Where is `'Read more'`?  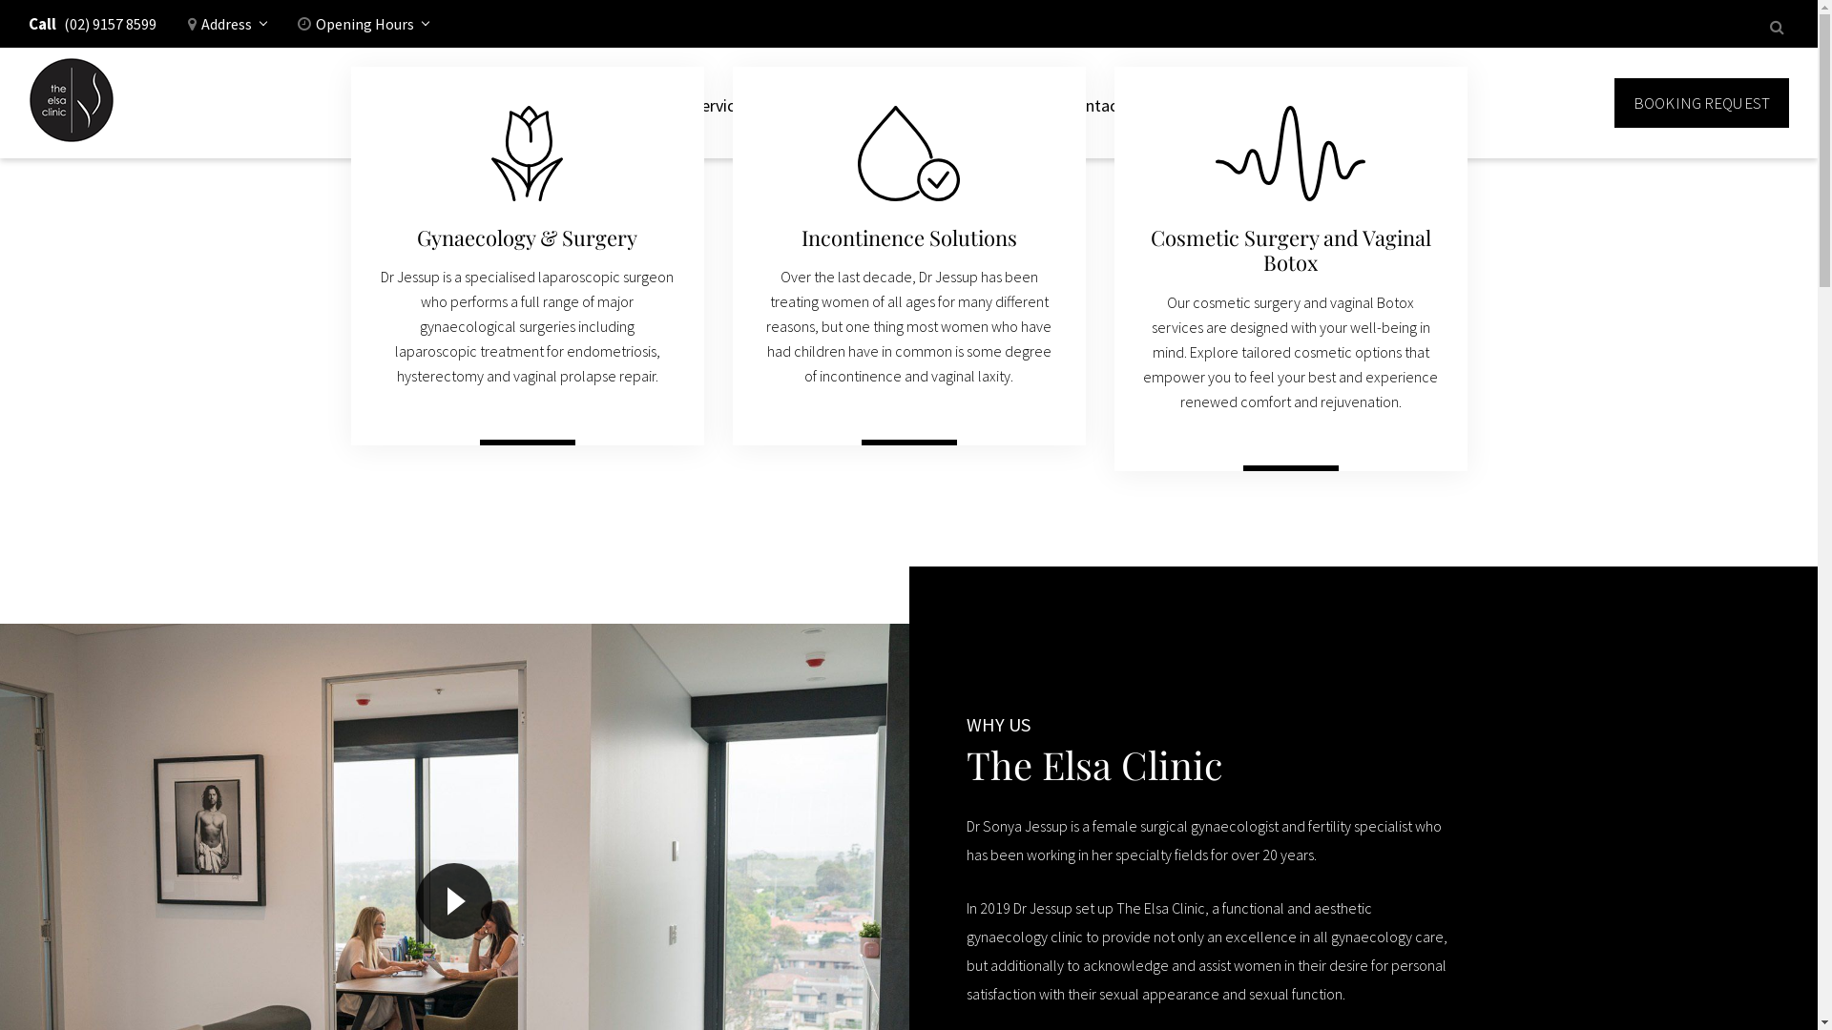
'Read more' is located at coordinates (1290, 477).